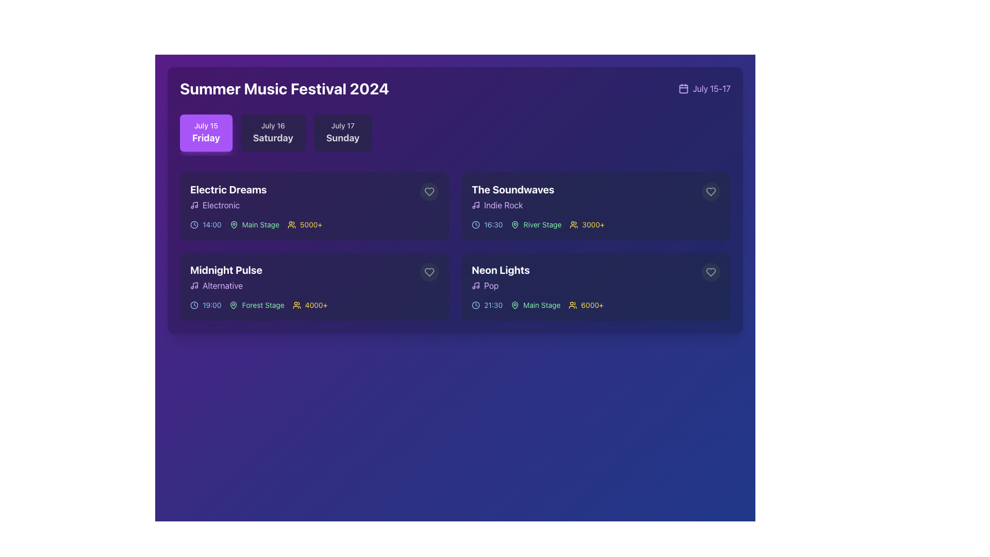 The height and width of the screenshot is (557, 990). What do you see at coordinates (596, 224) in the screenshot?
I see `information presented in the Informative row, which includes the time '16:30' in blue, the stage 'River Stage' in green, and the audience count '3000+', located in the fourth card titled 'The Soundwaves' from the top left` at bounding box center [596, 224].